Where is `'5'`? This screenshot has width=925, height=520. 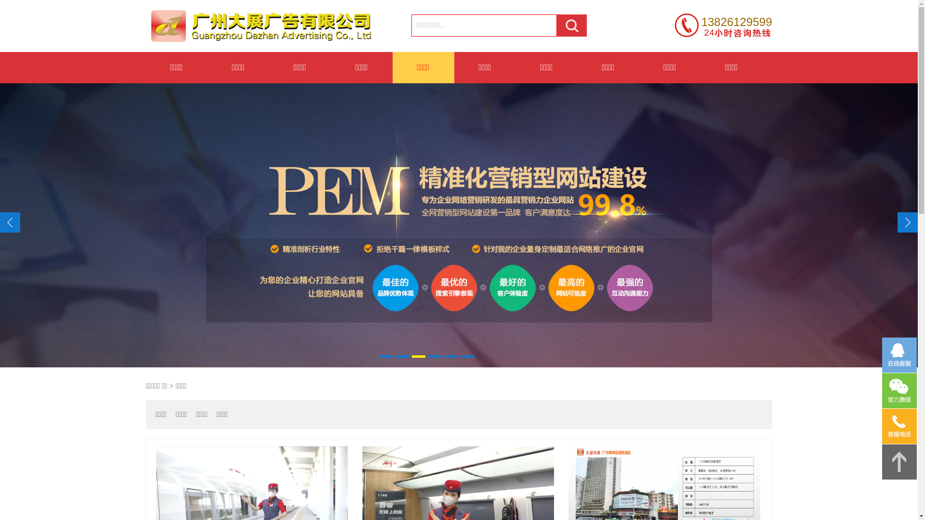
'5' is located at coordinates (450, 356).